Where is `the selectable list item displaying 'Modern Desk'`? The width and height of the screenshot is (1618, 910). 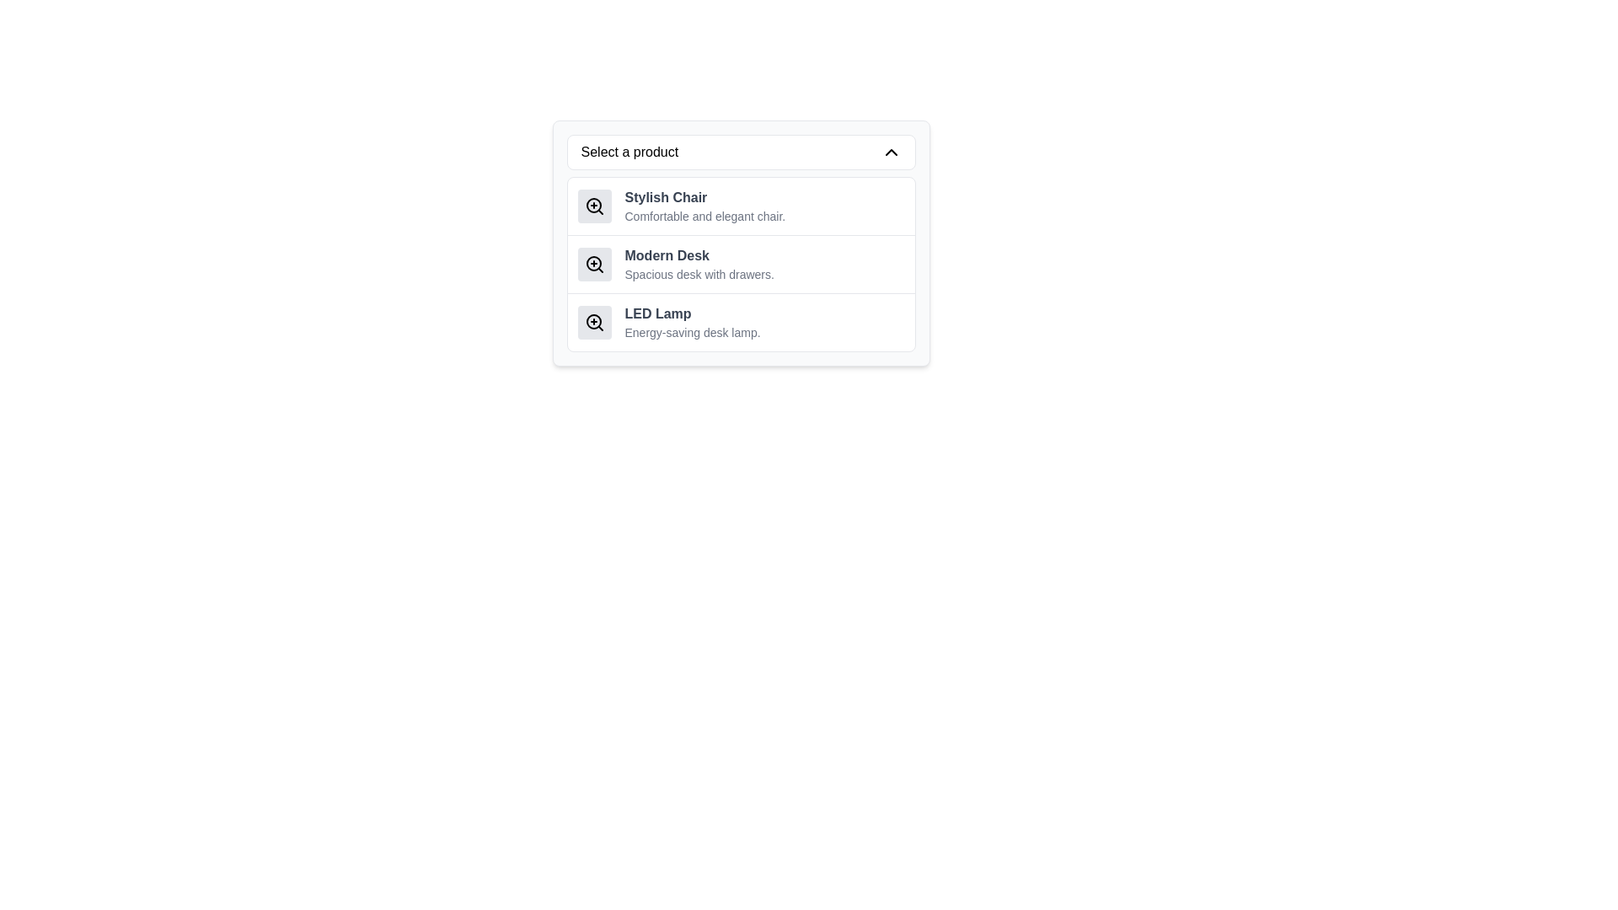 the selectable list item displaying 'Modern Desk' is located at coordinates (741, 244).